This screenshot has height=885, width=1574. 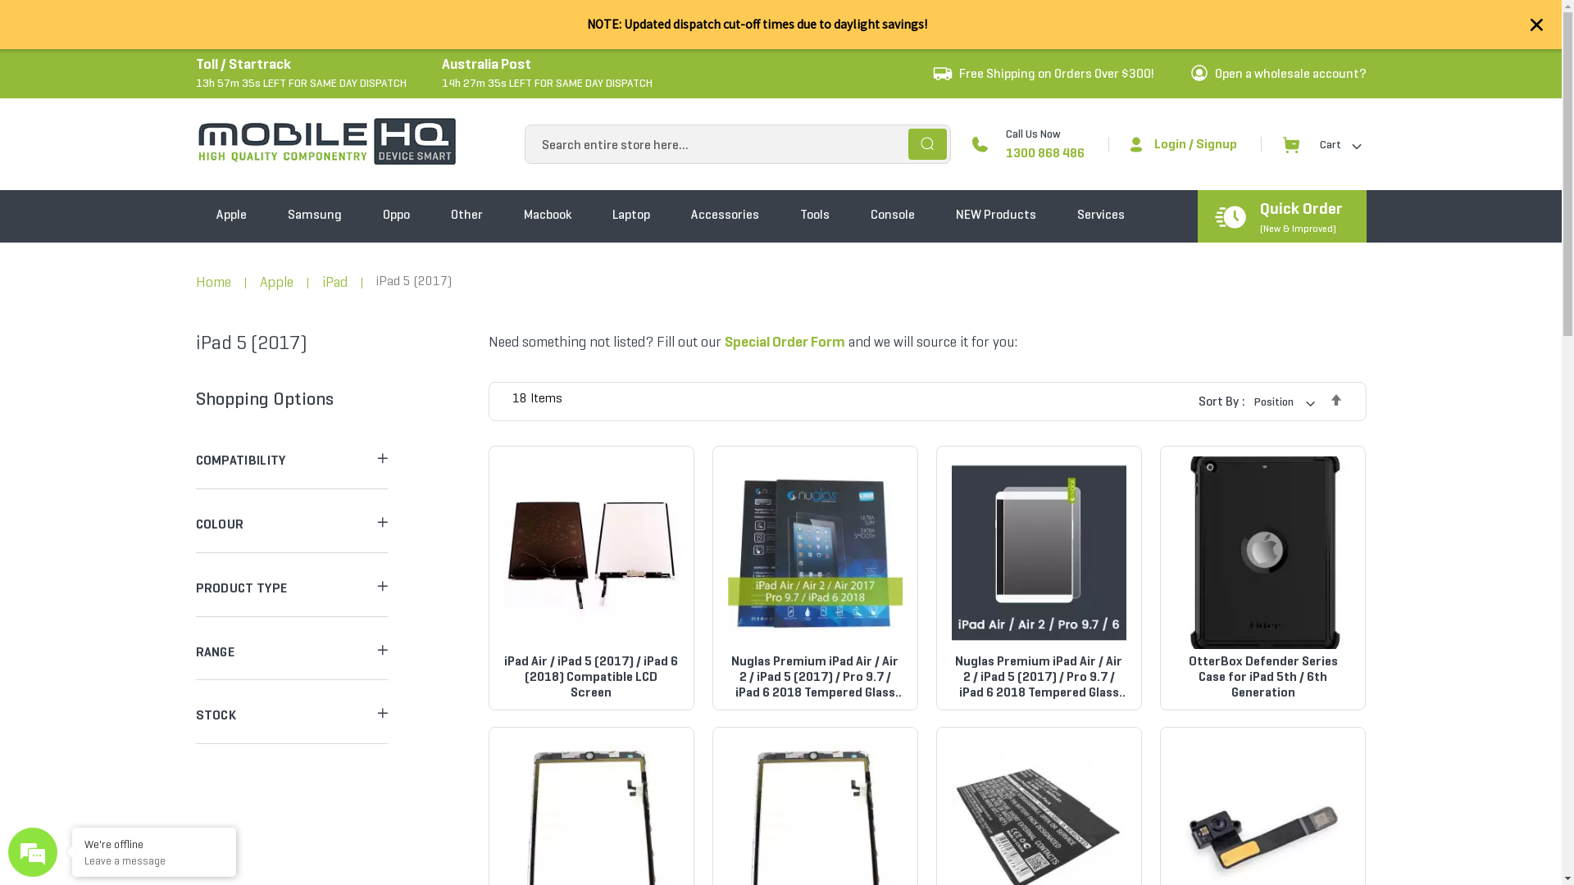 I want to click on 'Tools', so click(x=814, y=166).